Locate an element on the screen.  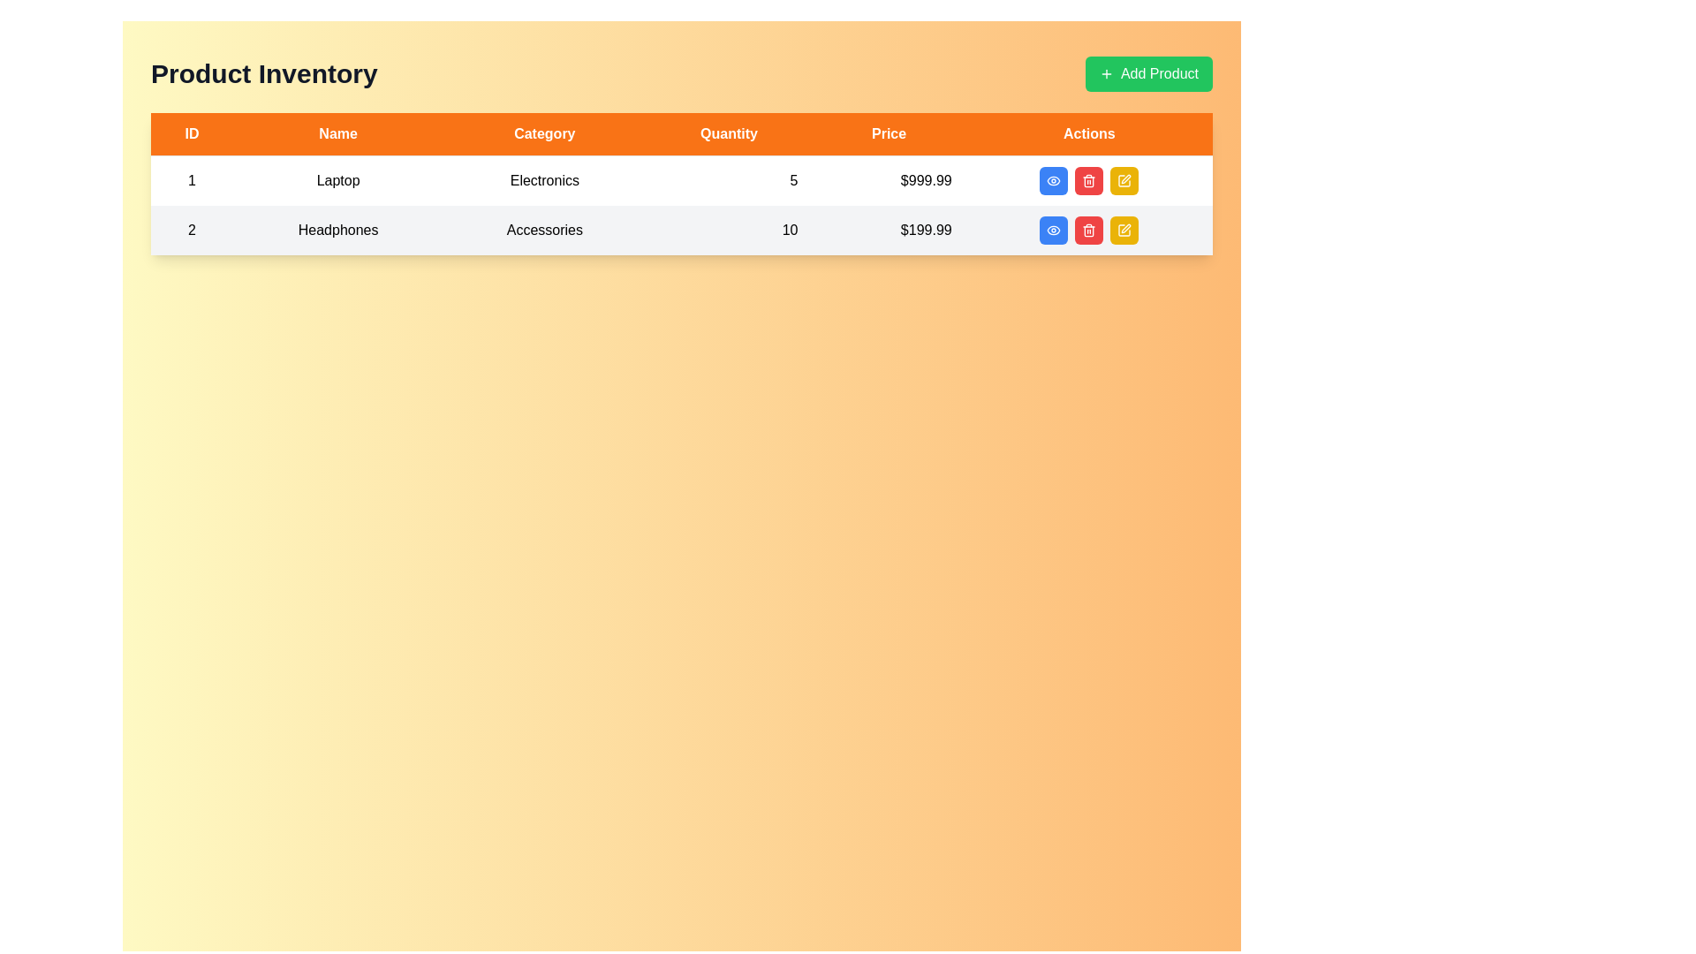
the label indicating the category 'Electronics' in the third column of the first row of the data table is located at coordinates (543, 180).